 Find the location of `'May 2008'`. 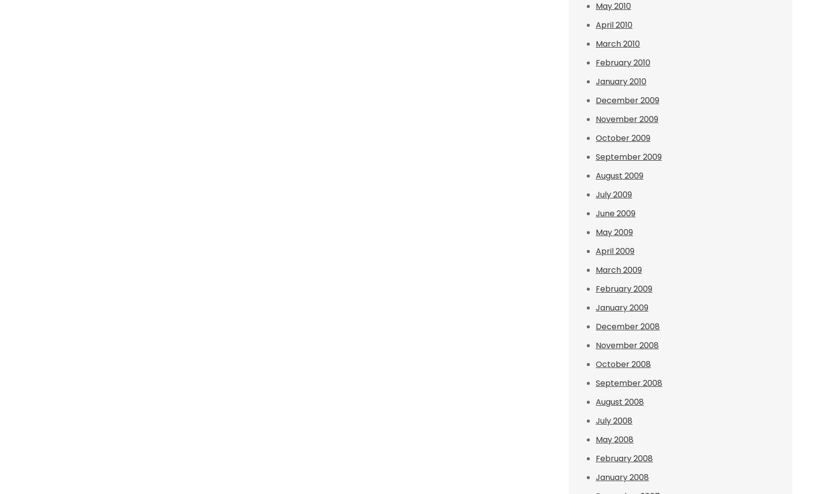

'May 2008' is located at coordinates (615, 439).